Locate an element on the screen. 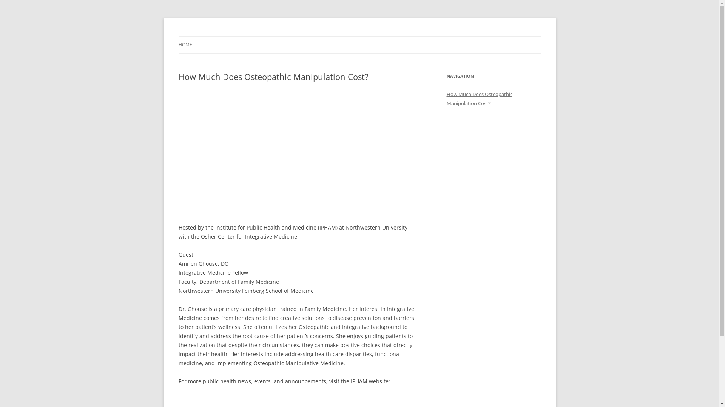 This screenshot has height=407, width=725. 'Chickenpox Vaccine For Adults' is located at coordinates (177, 36).